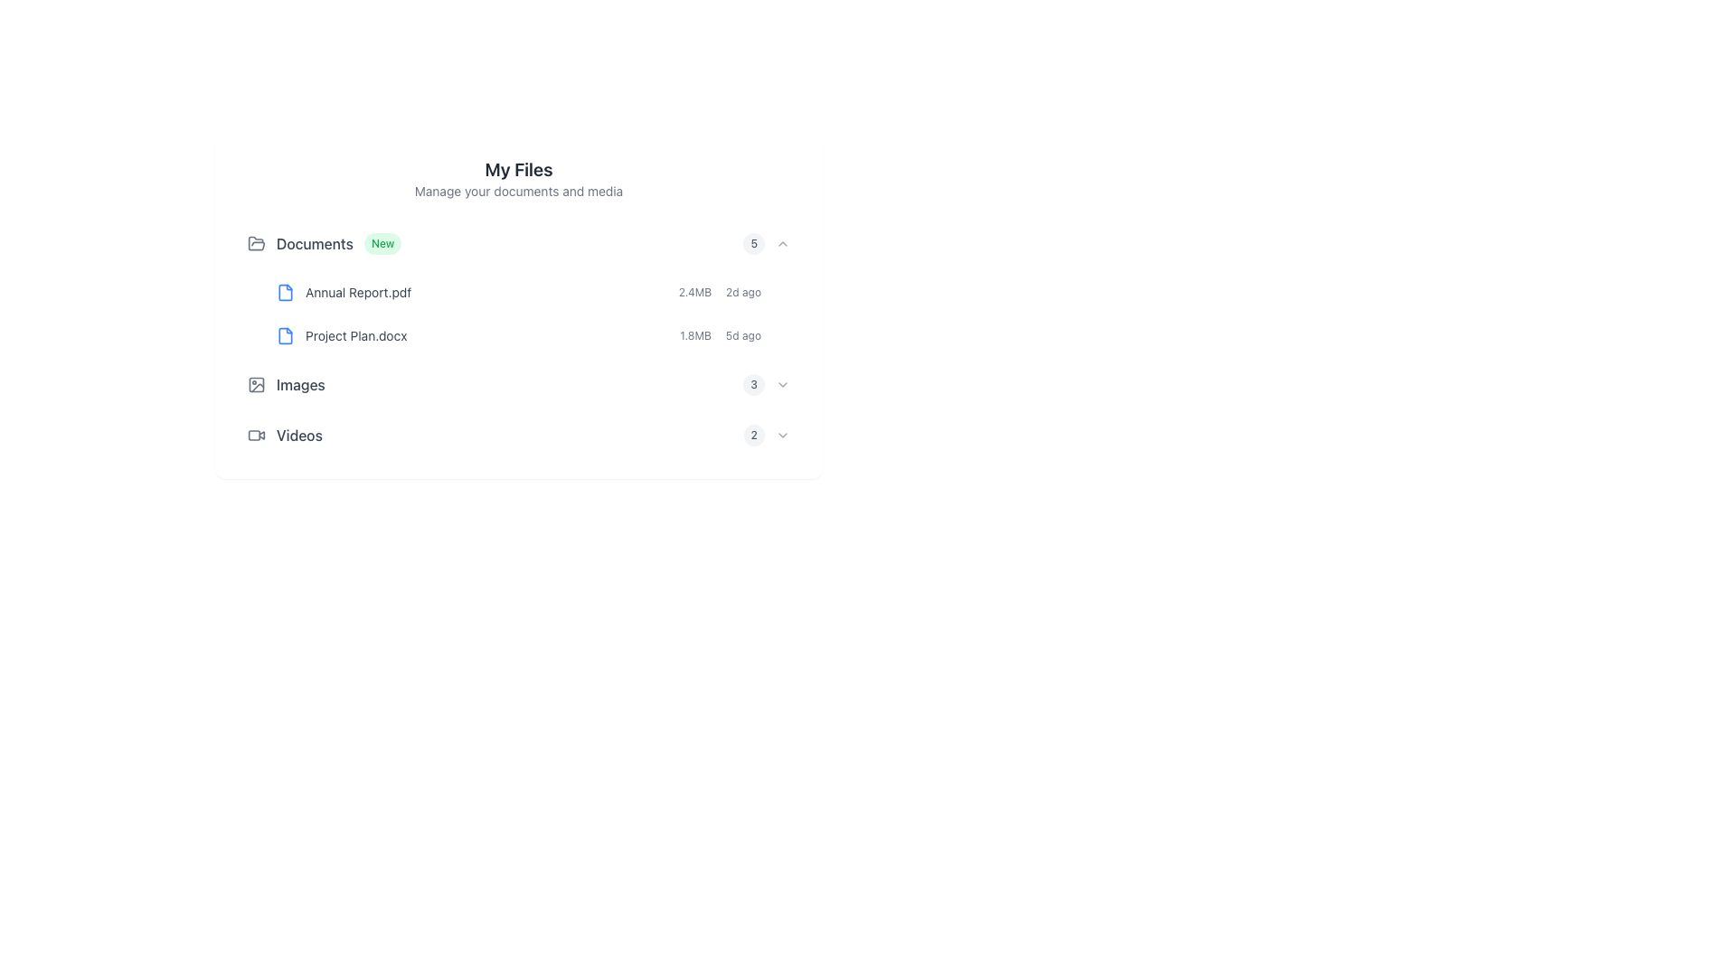 The height and width of the screenshot is (976, 1736). I want to click on the timestamp text label indicating when the file 'Annual Report.pdf' was last modified, located next to the size '2.4MB', so click(743, 292).